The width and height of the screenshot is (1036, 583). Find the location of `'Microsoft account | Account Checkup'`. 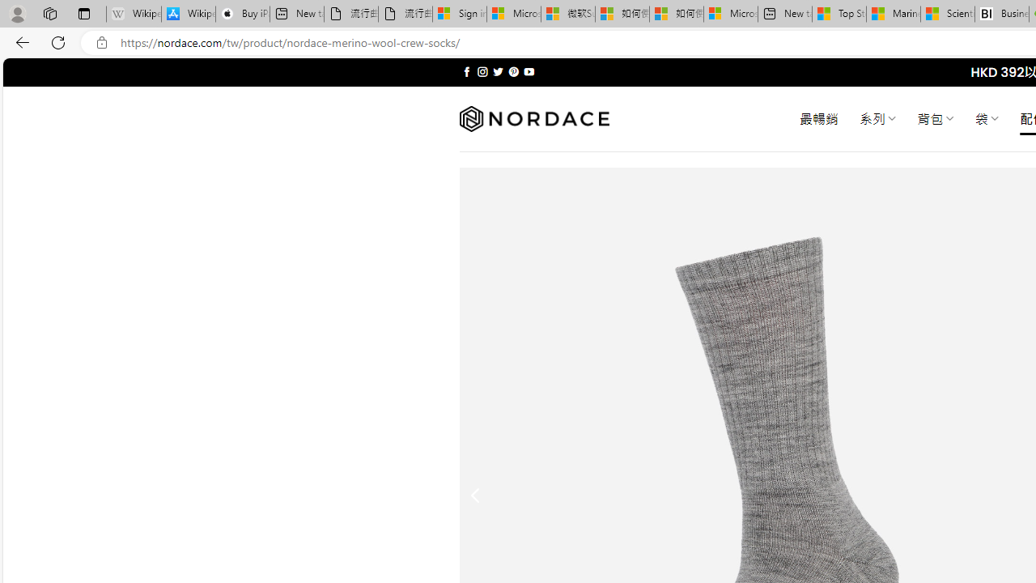

'Microsoft account | Account Checkup' is located at coordinates (730, 14).